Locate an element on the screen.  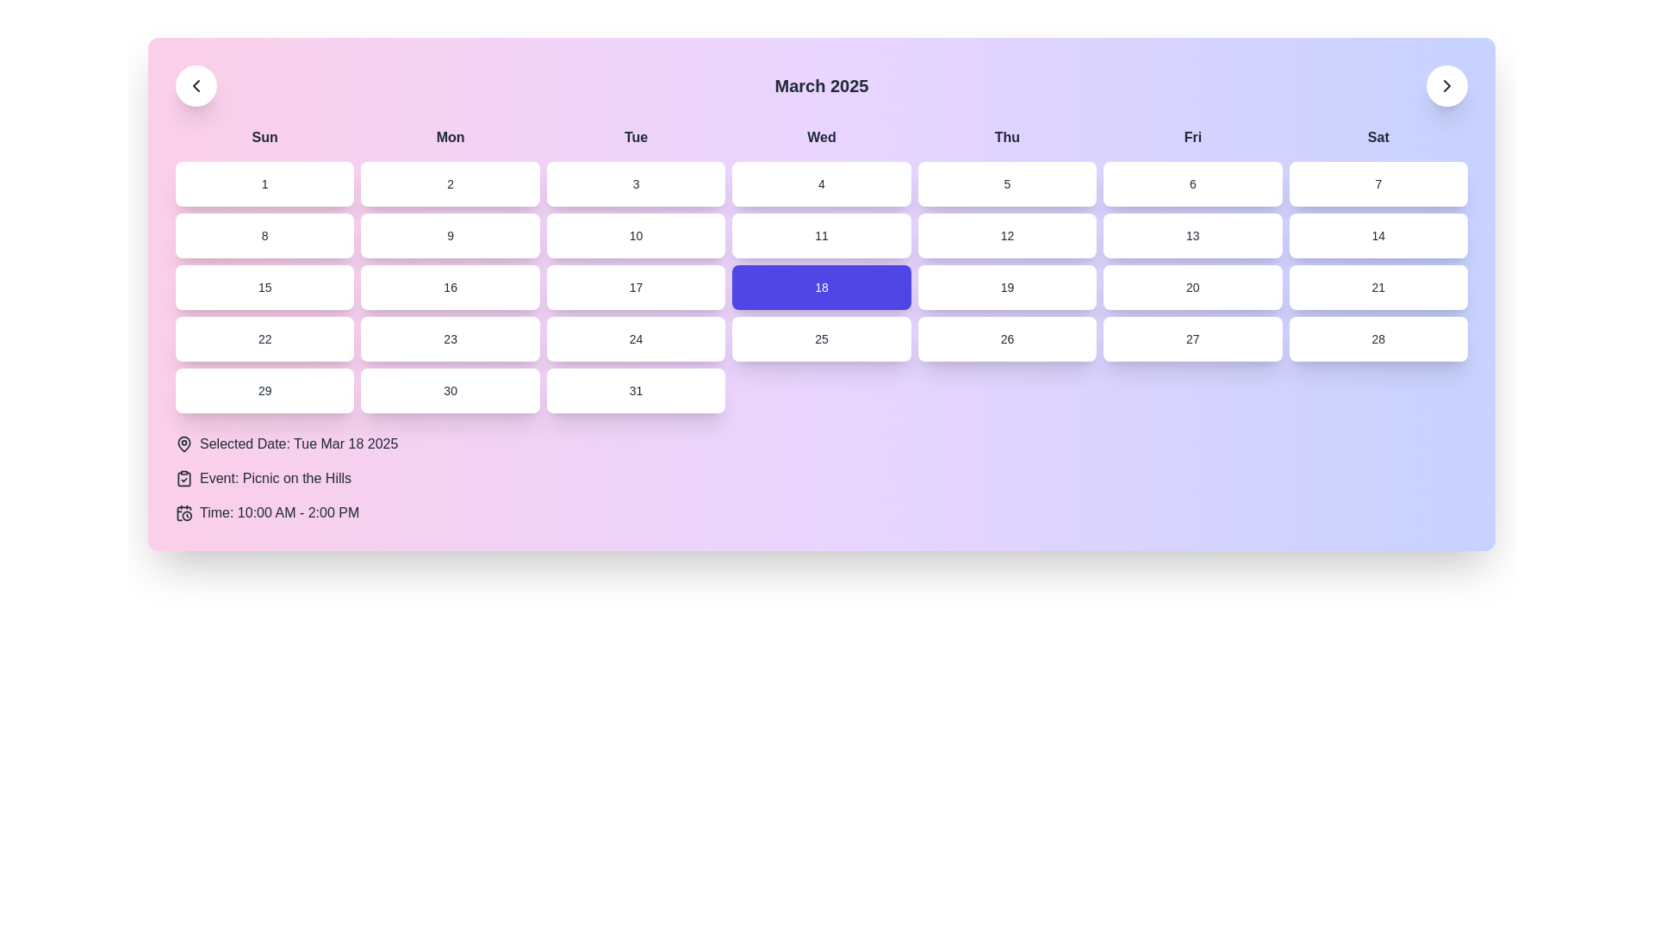
the calendar icon with a clock overlay, which is located near the bottom of the calendar interface, to the left of the event time text is located at coordinates (184, 512).